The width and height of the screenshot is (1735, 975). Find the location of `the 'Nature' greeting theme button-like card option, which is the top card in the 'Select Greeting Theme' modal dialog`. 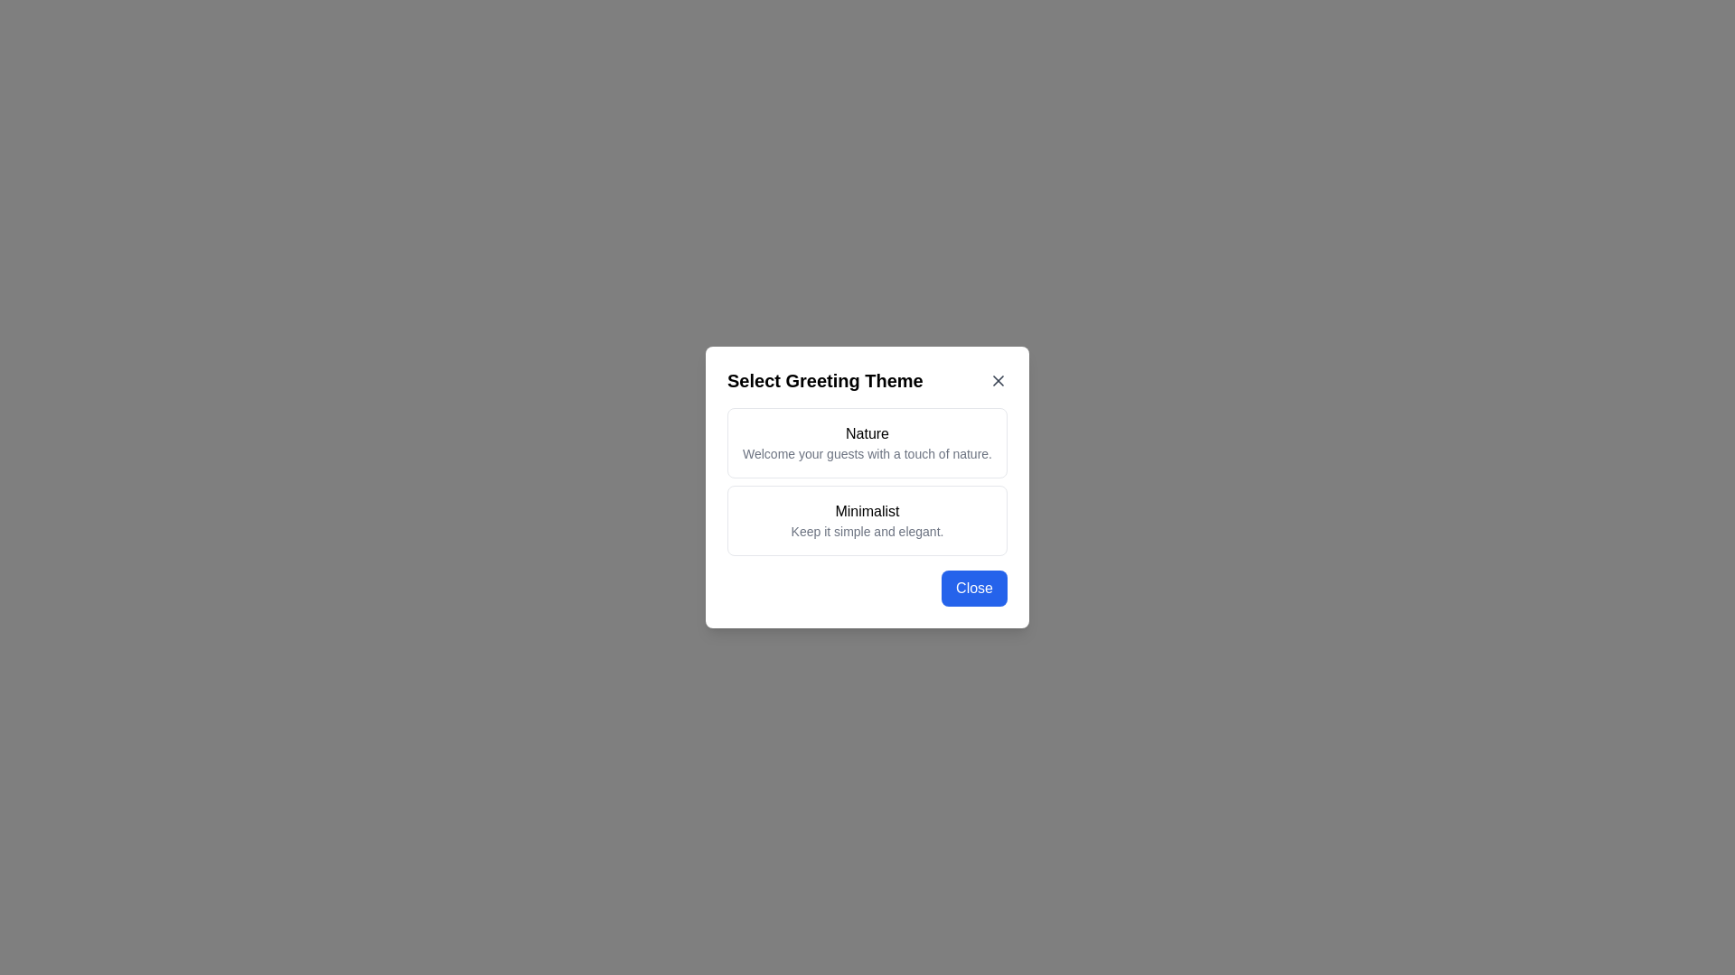

the 'Nature' greeting theme button-like card option, which is the top card in the 'Select Greeting Theme' modal dialog is located at coordinates (867, 442).